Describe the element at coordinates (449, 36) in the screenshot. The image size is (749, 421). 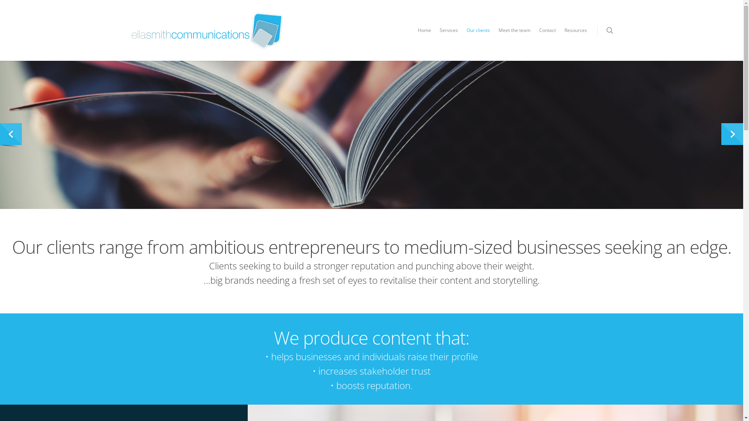
I see `'Services'` at that location.